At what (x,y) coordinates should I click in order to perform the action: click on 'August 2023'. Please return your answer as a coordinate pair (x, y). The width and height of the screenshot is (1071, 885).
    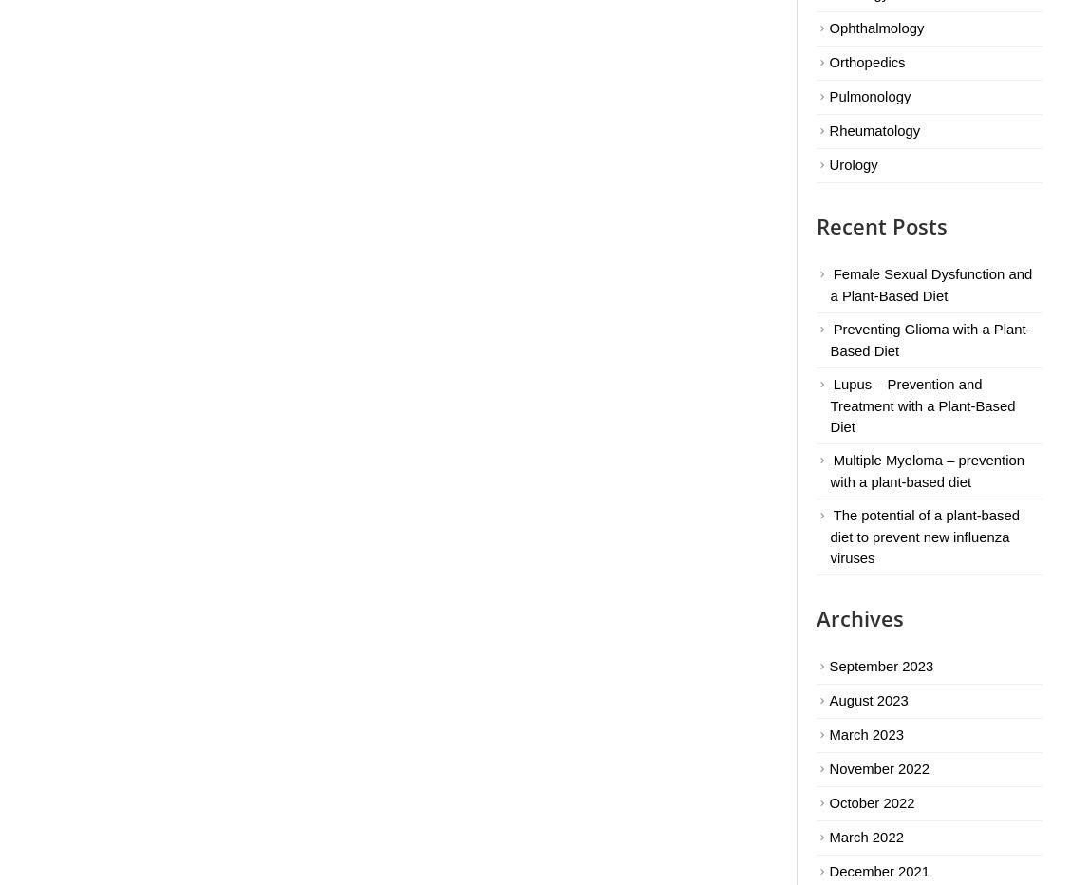
    Looking at the image, I should click on (867, 699).